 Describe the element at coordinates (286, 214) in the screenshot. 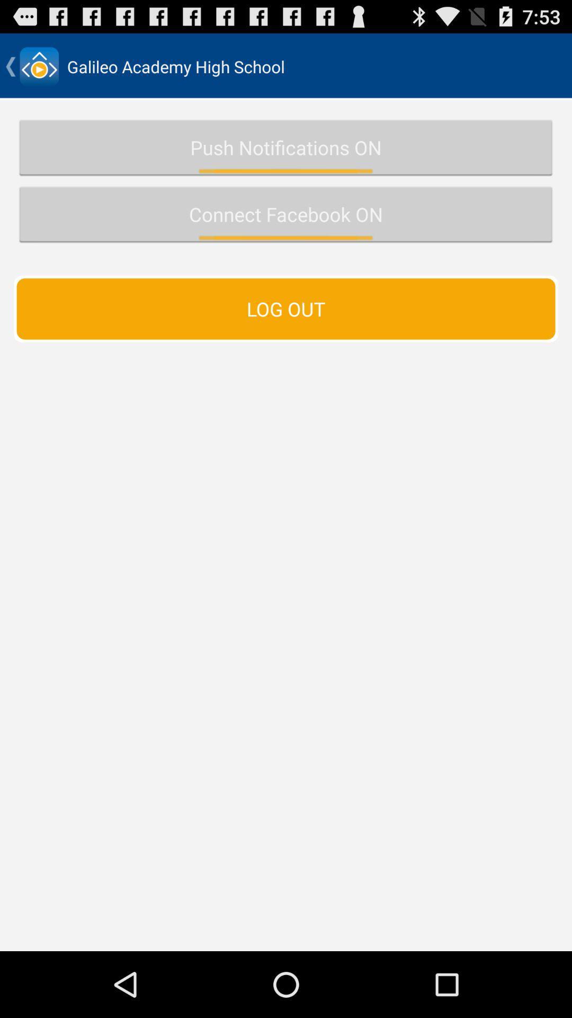

I see `the connect facebook on icon` at that location.